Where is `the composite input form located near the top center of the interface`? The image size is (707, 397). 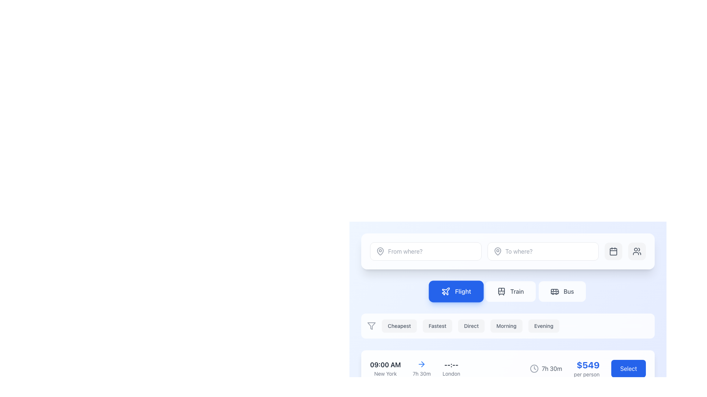
the composite input form located near the top center of the interface is located at coordinates (507, 251).